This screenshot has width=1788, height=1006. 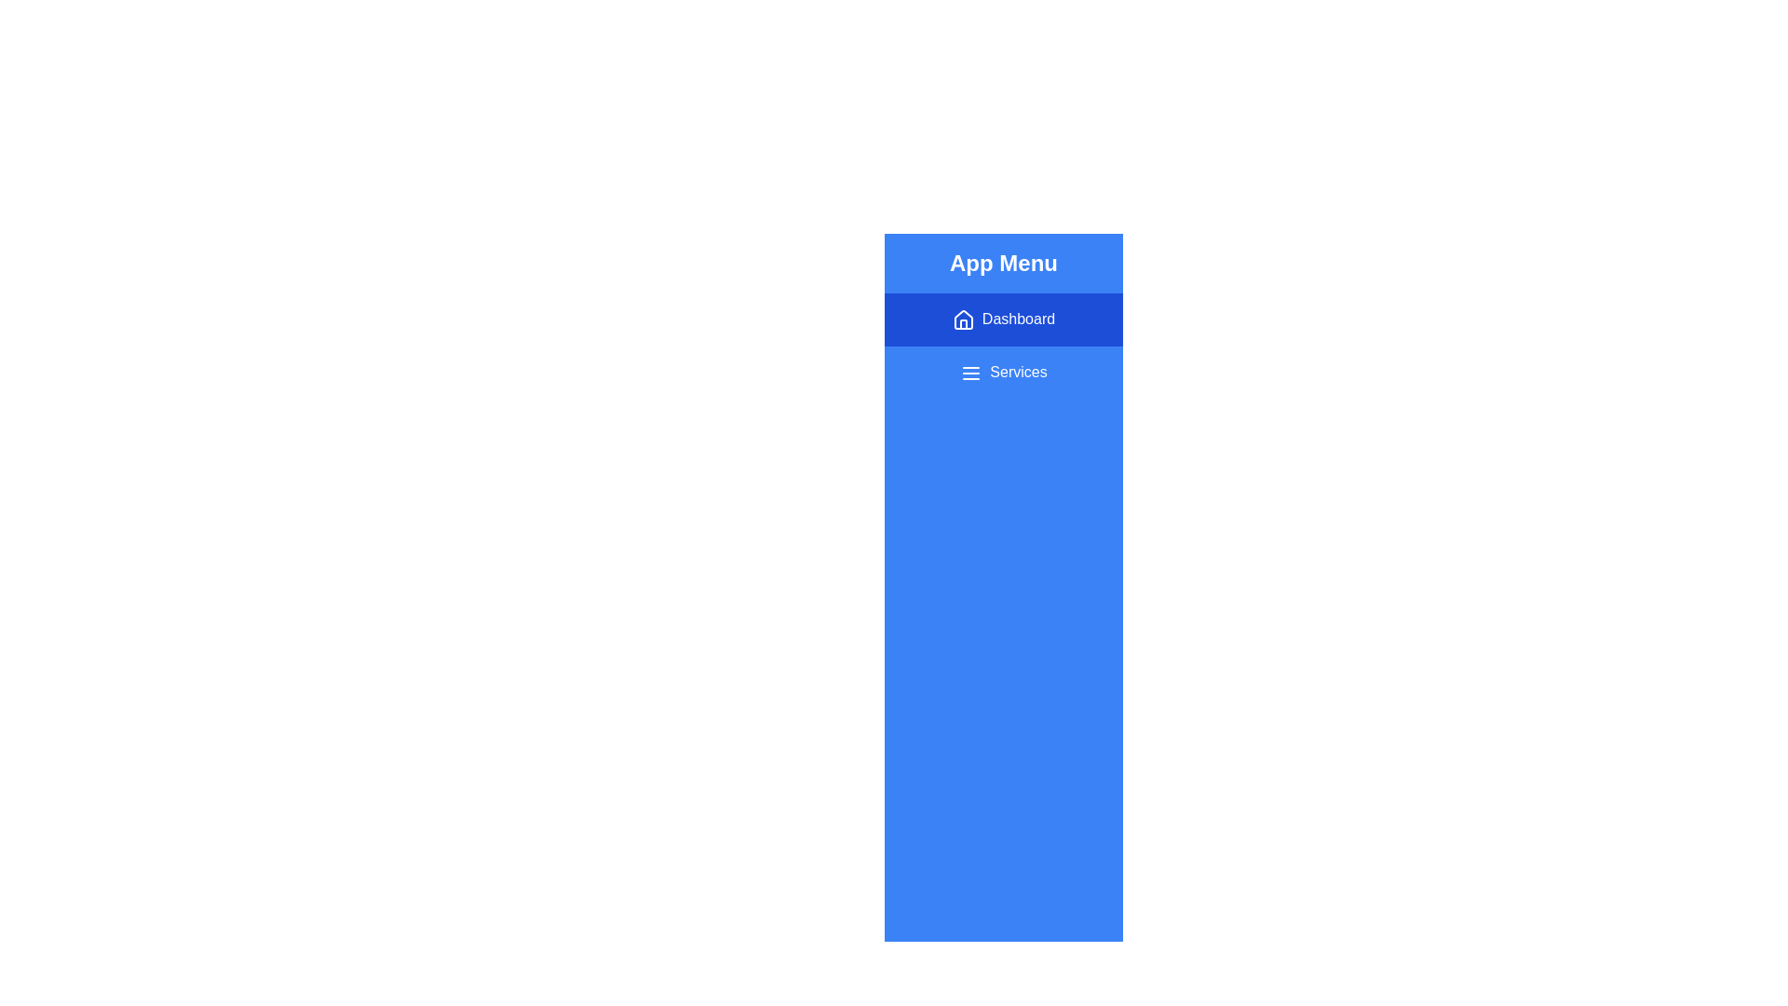 What do you see at coordinates (1003, 373) in the screenshot?
I see `the 'Services' button with a blue background and white text` at bounding box center [1003, 373].